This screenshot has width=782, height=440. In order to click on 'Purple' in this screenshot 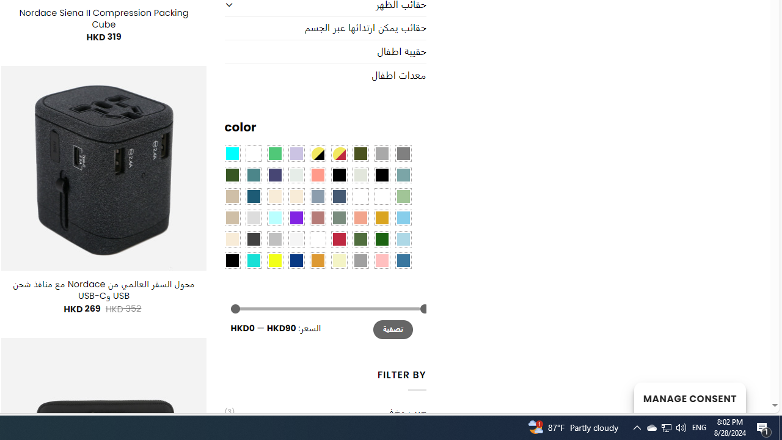, I will do `click(296, 216)`.